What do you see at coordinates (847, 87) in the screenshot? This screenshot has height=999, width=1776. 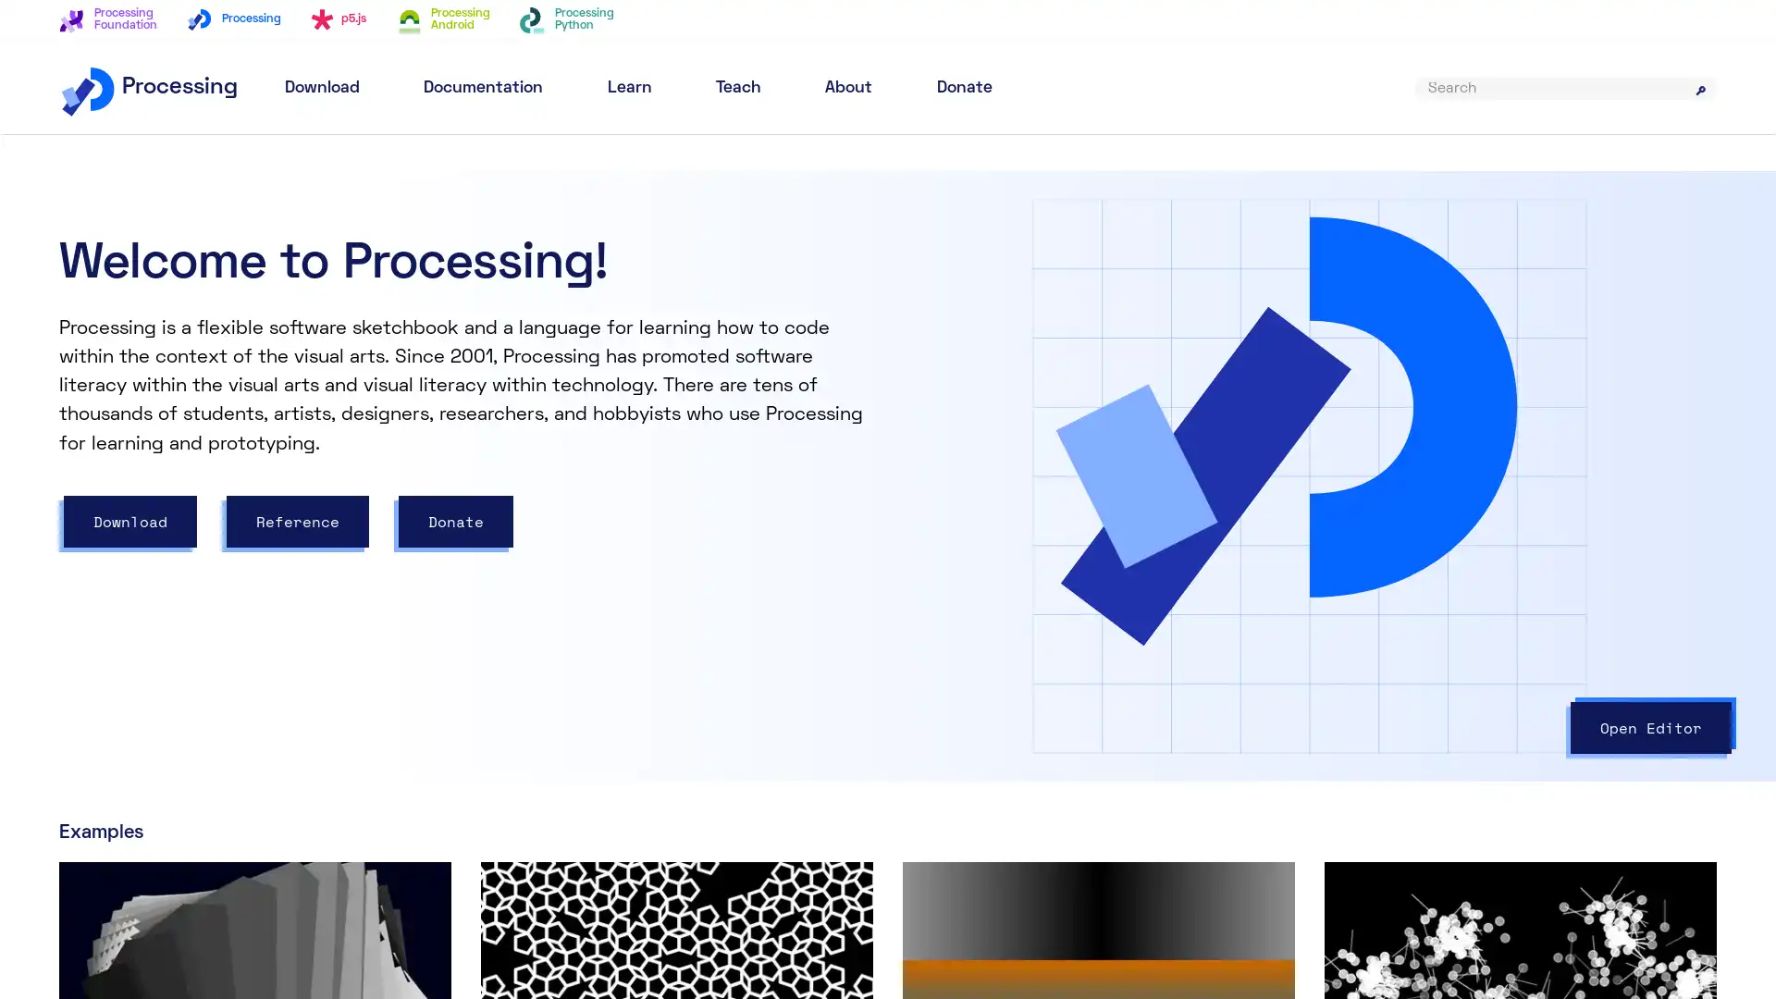 I see `About` at bounding box center [847, 87].